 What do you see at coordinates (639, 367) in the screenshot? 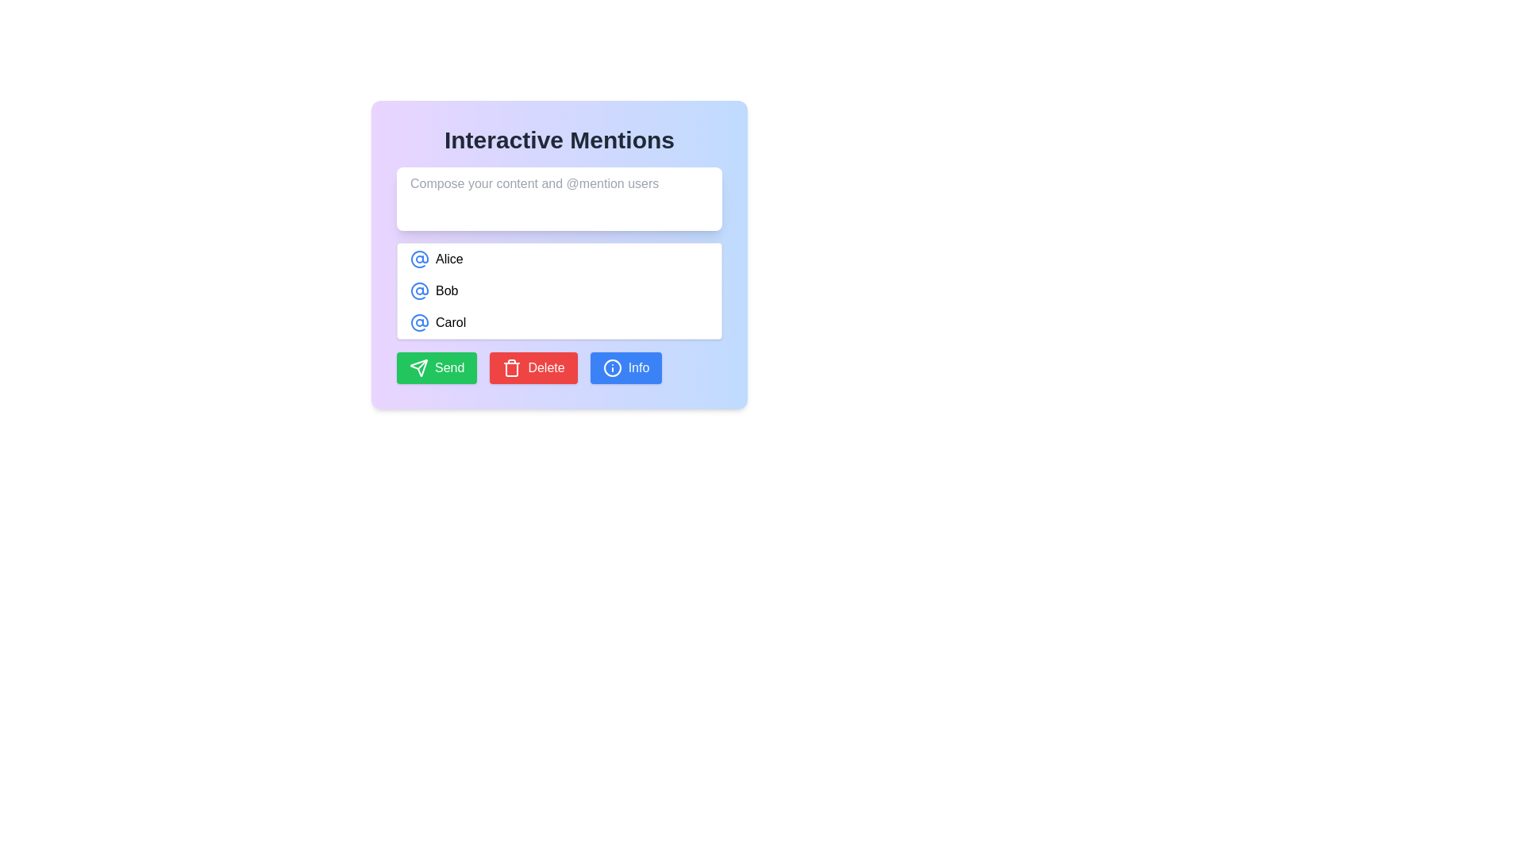
I see `the text label displaying 'Info' in white font on a blue background, located at the rightmost side of the button group at the bottom of the user interface panel` at bounding box center [639, 367].